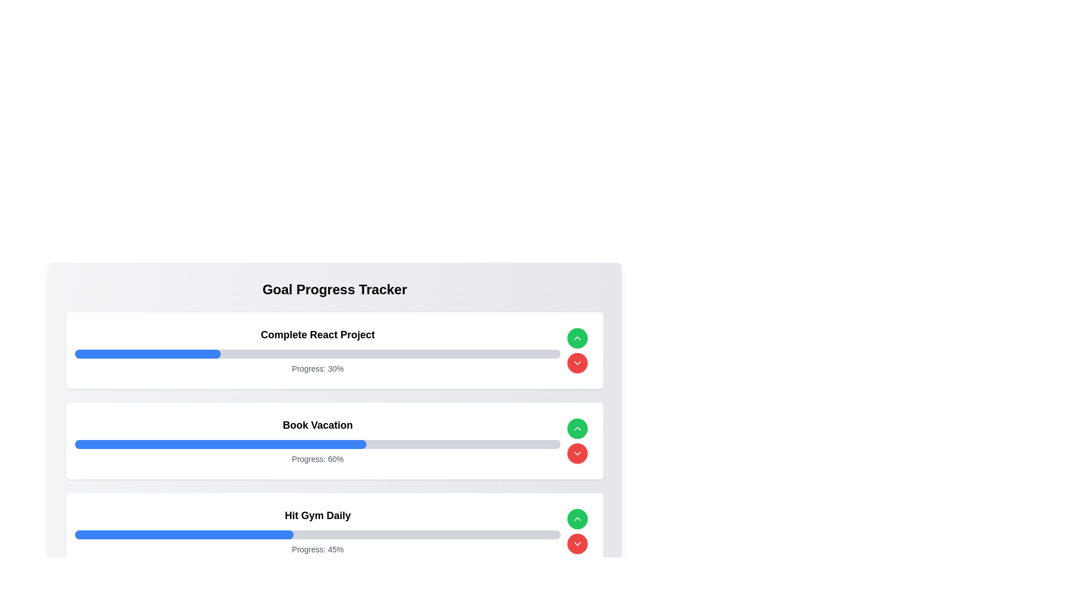 This screenshot has height=610, width=1084. What do you see at coordinates (334, 594) in the screenshot?
I see `the call-to-action button for adding a new goal located at the bottom of the 'Goal Progress Tracker' section` at bounding box center [334, 594].